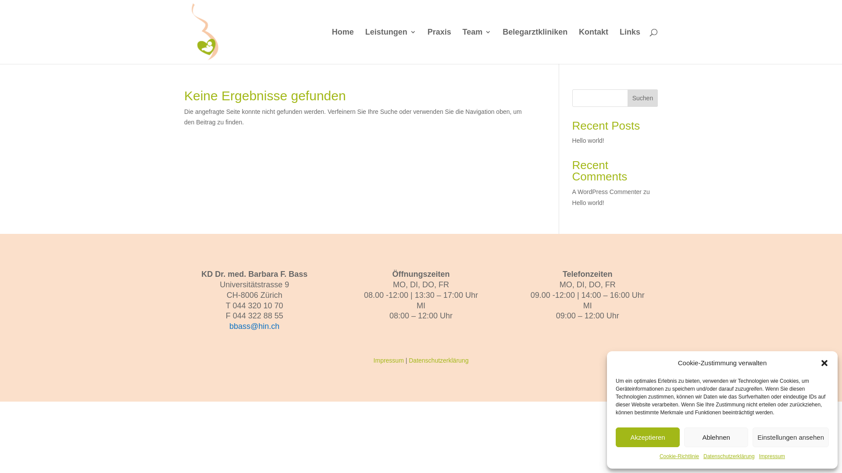 Image resolution: width=842 pixels, height=473 pixels. I want to click on 'bbass@hin.ch', so click(229, 326).